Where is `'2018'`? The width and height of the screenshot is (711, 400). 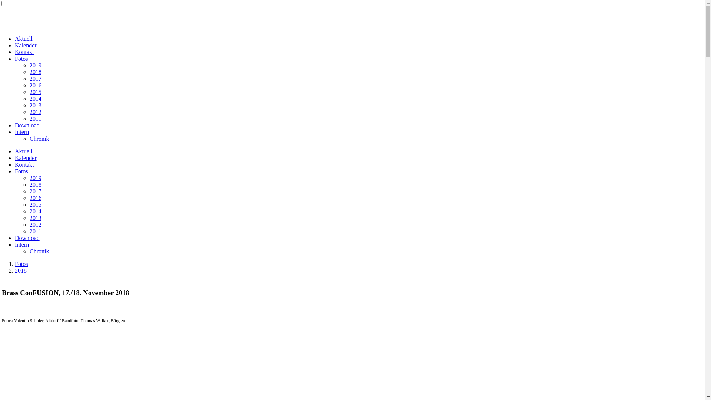
'2018' is located at coordinates (35, 72).